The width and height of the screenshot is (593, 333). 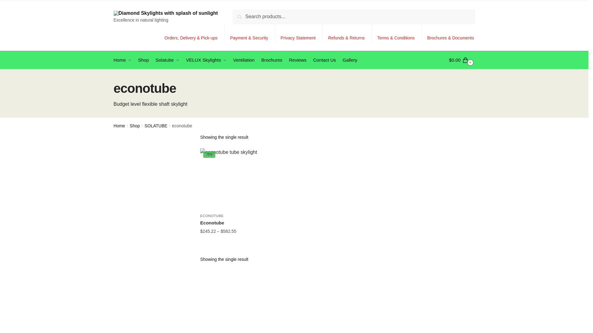 What do you see at coordinates (144, 125) in the screenshot?
I see `'SOLATUBE'` at bounding box center [144, 125].